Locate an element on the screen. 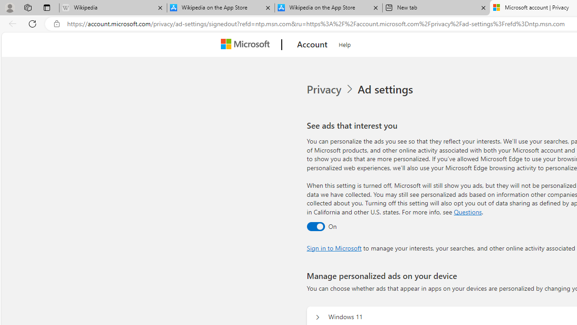 This screenshot has height=325, width=577. 'Sign in to Microsoft' is located at coordinates (334, 248).